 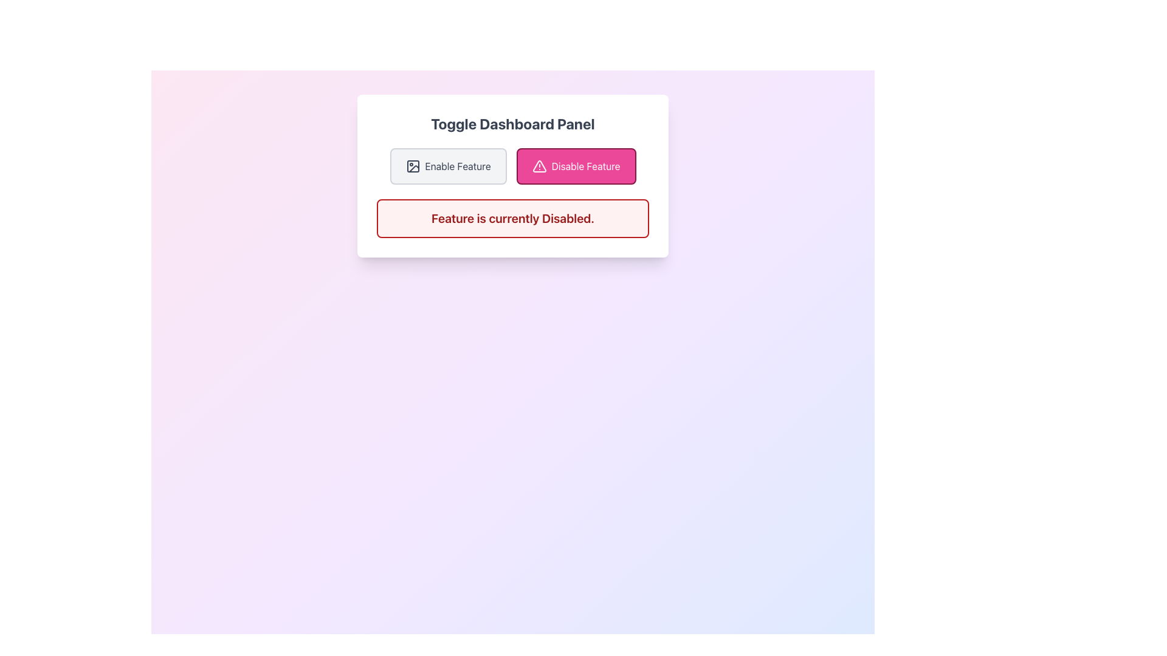 What do you see at coordinates (513, 166) in the screenshot?
I see `the 'Disable Feature' button in the Button Group located below the title 'Toggle Dashboard Panel'` at bounding box center [513, 166].